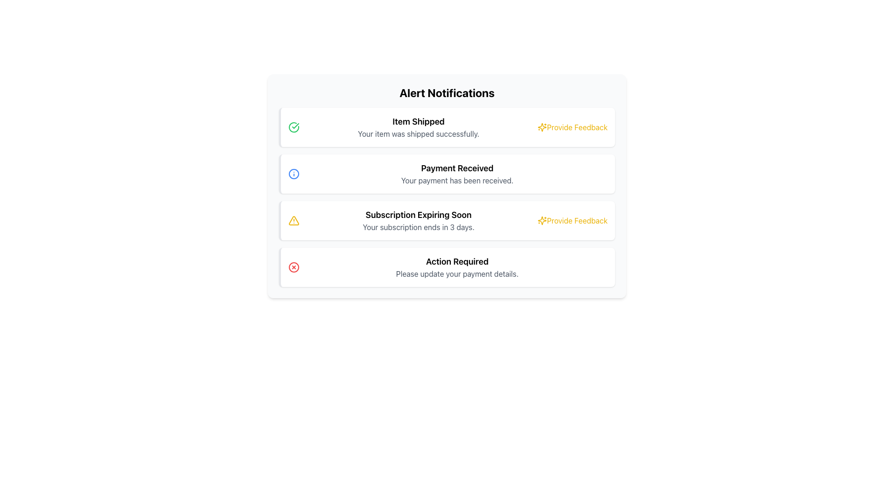 The image size is (896, 504). What do you see at coordinates (542, 127) in the screenshot?
I see `the feedback icon located to the left of the 'Provide Feedback' text in the topmost notification card labeled 'Item Shipped'` at bounding box center [542, 127].